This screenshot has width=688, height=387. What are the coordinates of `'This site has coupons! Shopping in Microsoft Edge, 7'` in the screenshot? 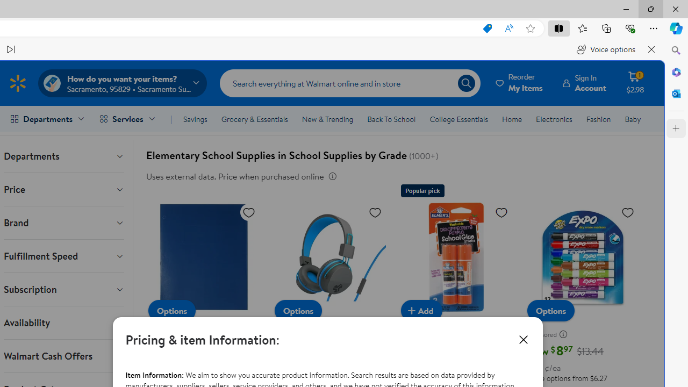 It's located at (486, 28).